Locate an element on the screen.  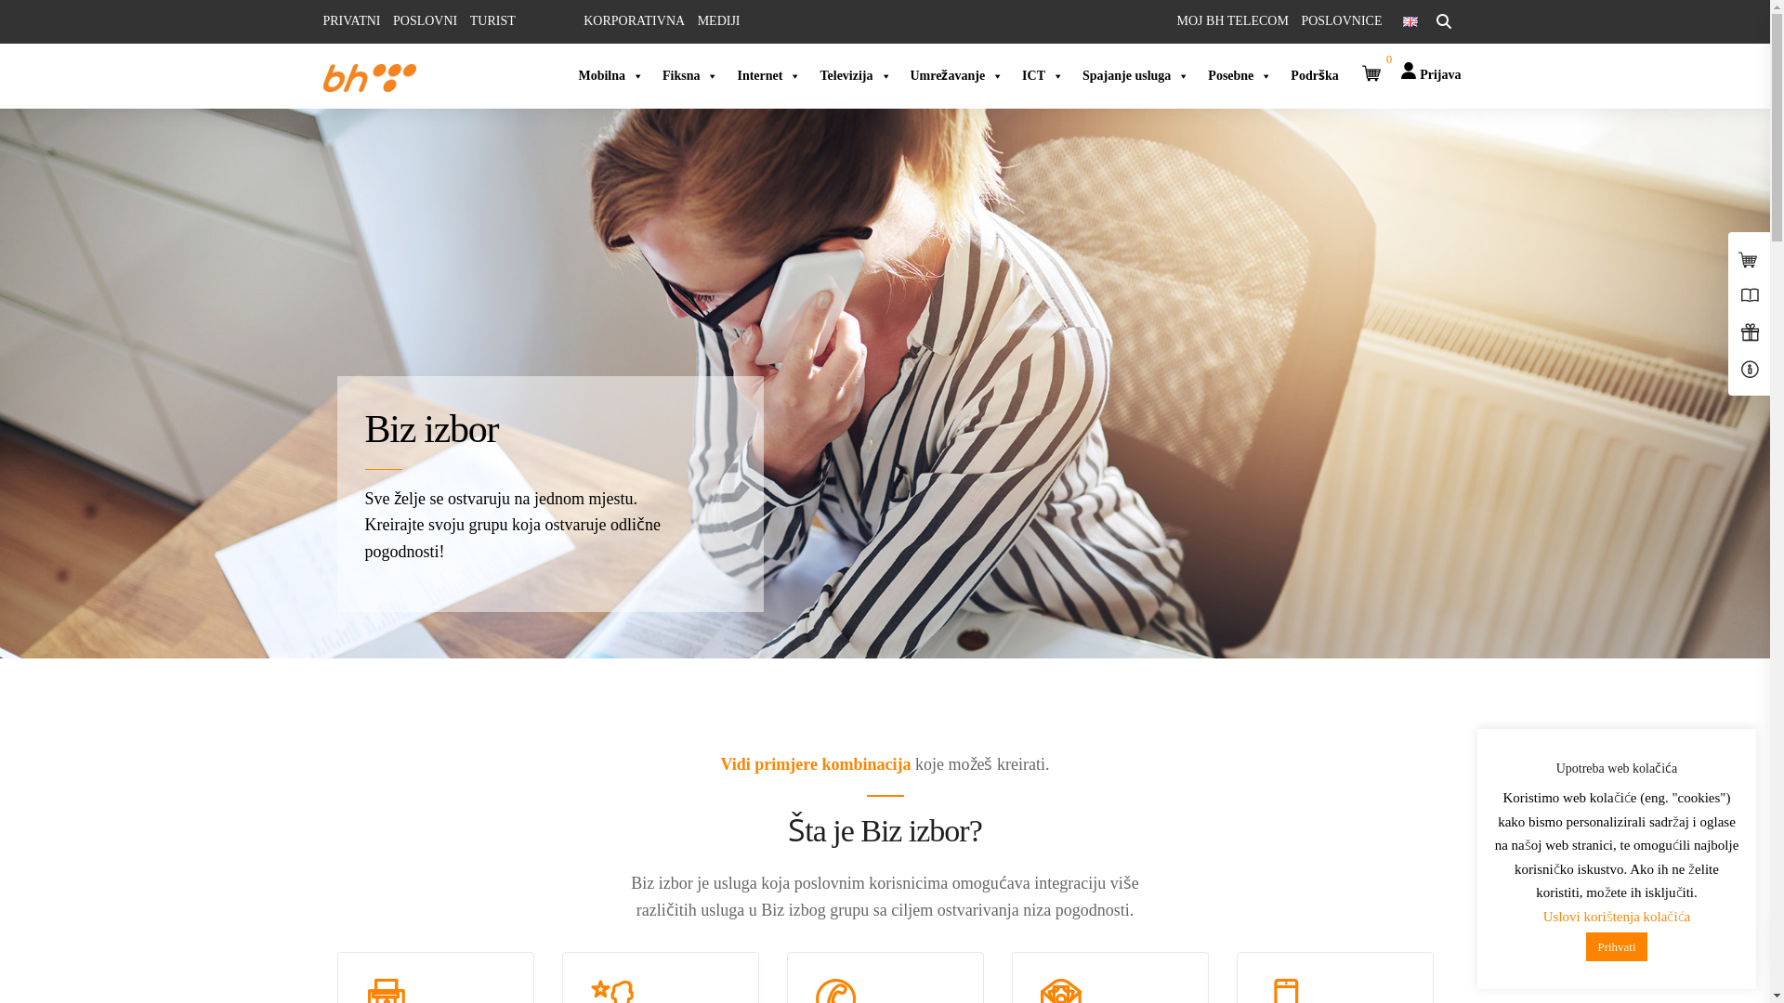
'TURIST' is located at coordinates (492, 20).